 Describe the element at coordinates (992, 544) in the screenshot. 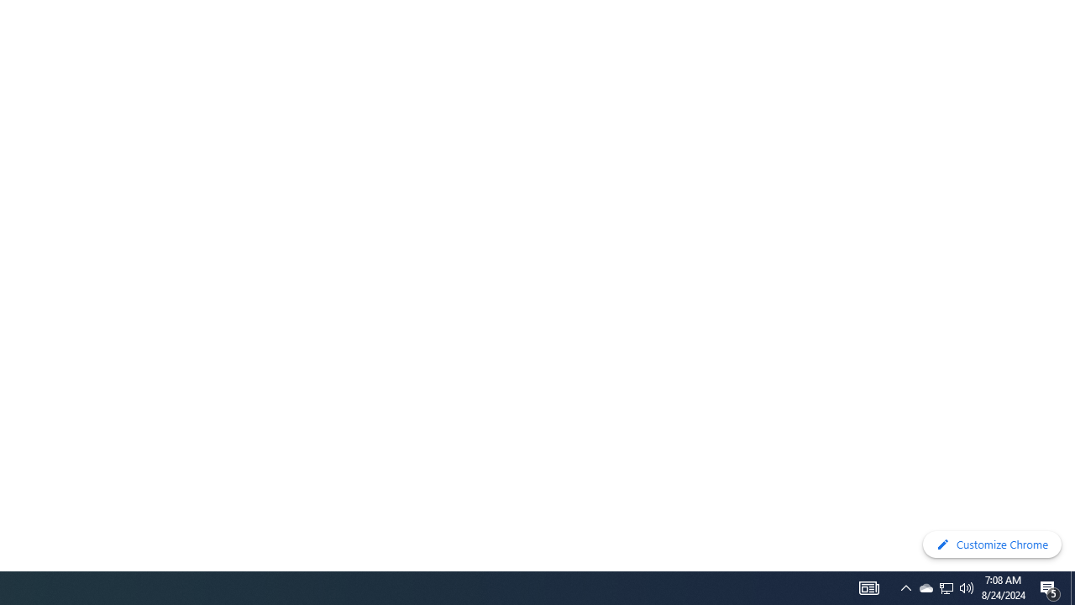

I see `'Customize Chrome'` at that location.